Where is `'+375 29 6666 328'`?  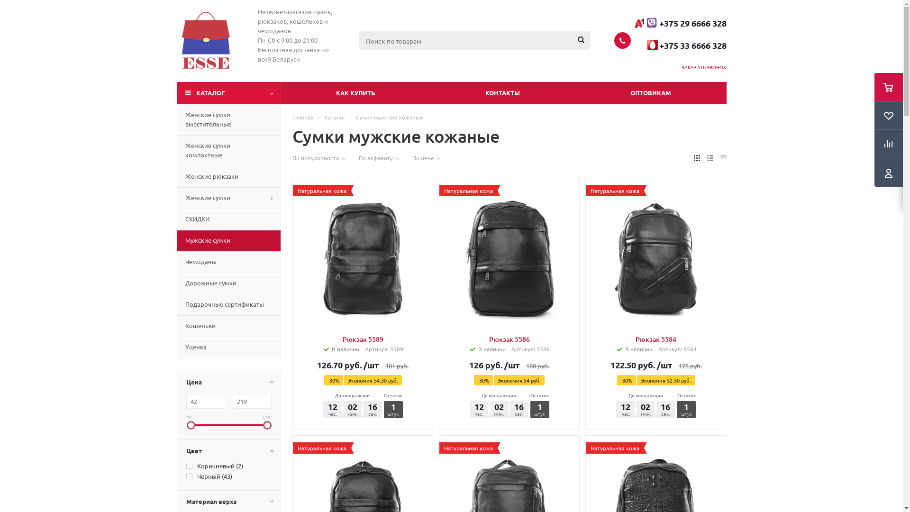 '+375 29 6666 328' is located at coordinates (692, 23).